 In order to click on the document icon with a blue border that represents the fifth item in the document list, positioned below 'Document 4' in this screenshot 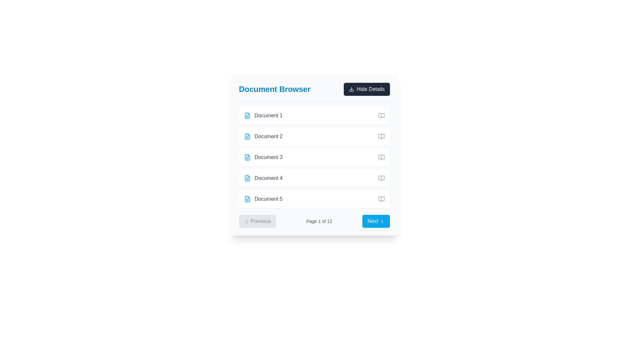, I will do `click(247, 198)`.